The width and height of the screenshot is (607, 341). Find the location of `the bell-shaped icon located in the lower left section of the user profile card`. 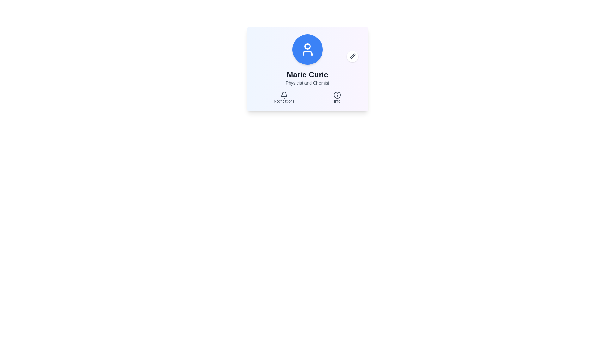

the bell-shaped icon located in the lower left section of the user profile card is located at coordinates (284, 95).